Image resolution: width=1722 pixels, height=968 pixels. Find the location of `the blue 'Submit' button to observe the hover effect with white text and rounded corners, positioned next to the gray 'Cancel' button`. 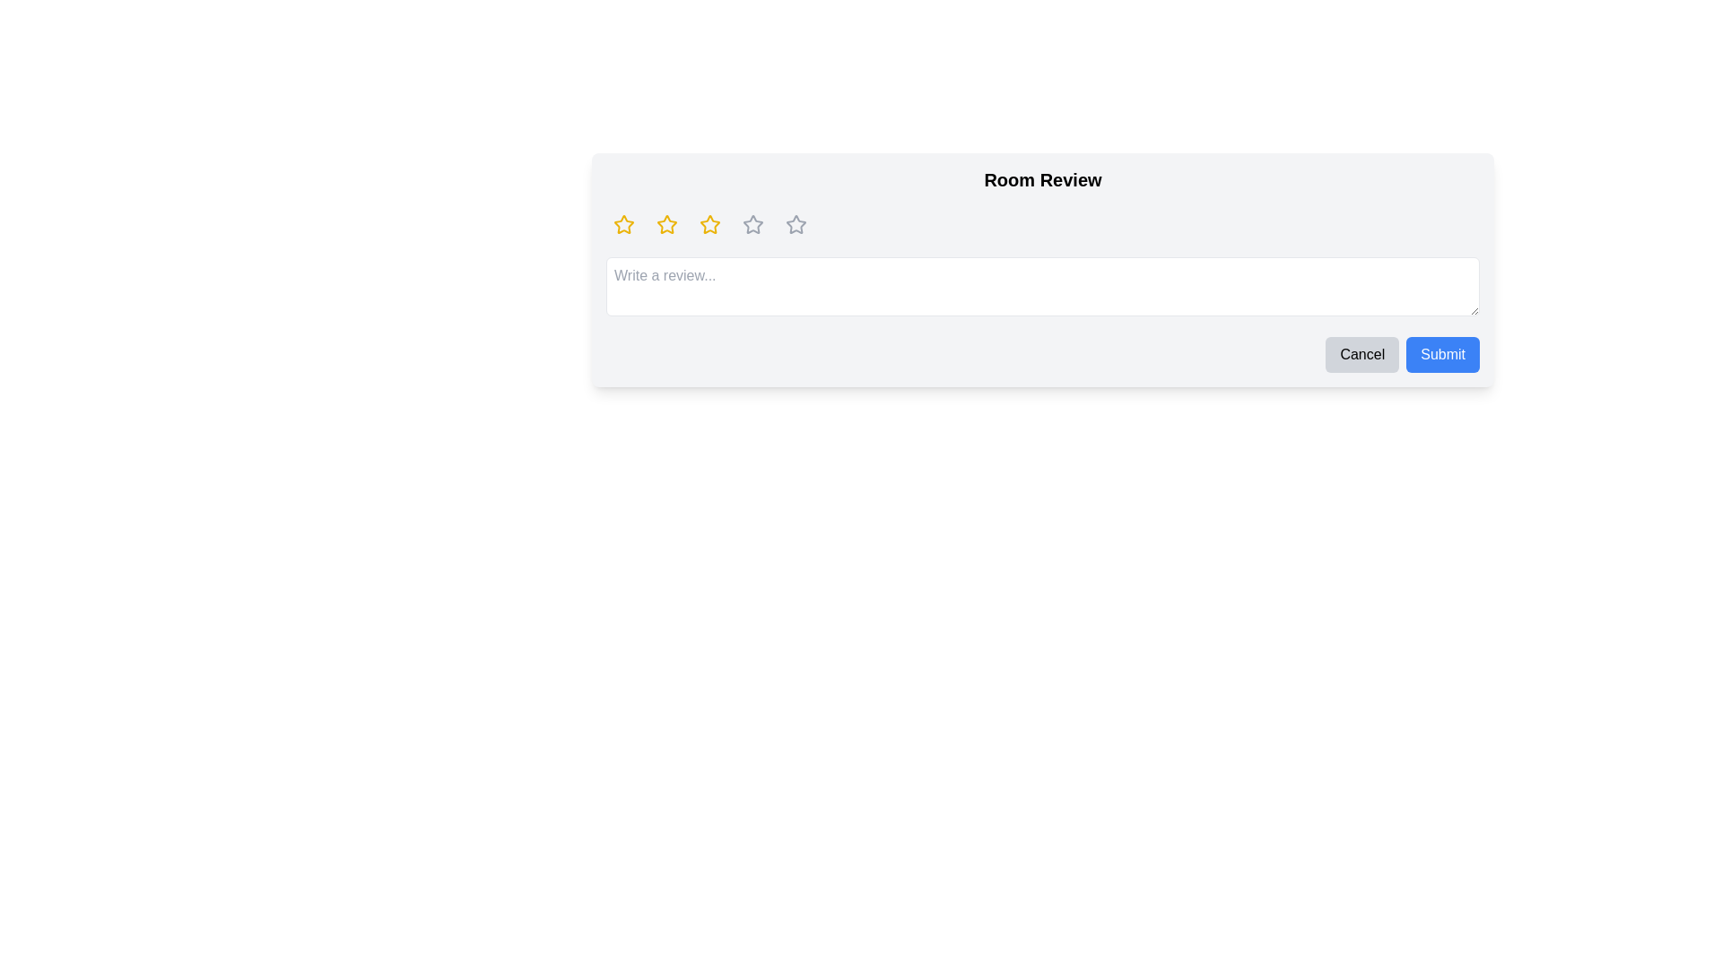

the blue 'Submit' button to observe the hover effect with white text and rounded corners, positioned next to the gray 'Cancel' button is located at coordinates (1443, 355).